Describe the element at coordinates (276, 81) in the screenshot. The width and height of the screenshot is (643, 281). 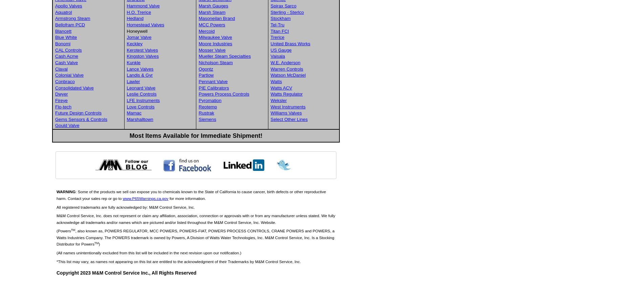
I see `'Watts'` at that location.